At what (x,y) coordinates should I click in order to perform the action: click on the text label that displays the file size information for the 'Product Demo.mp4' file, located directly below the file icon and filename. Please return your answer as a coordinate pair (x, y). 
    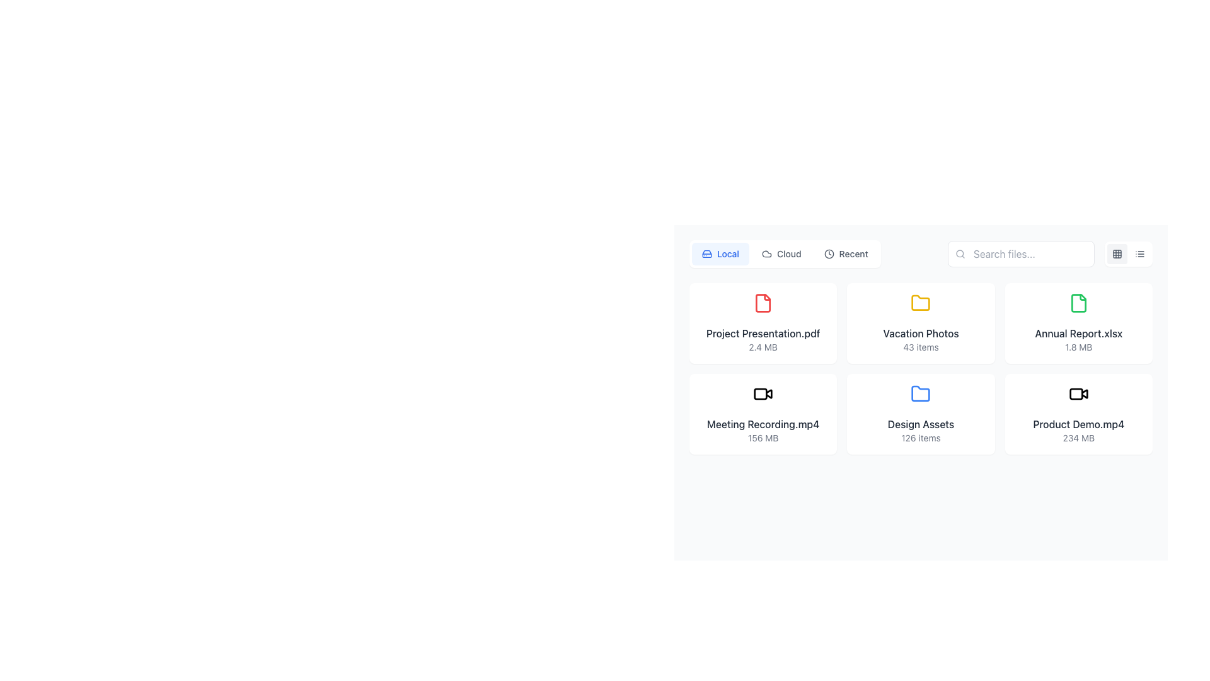
    Looking at the image, I should click on (1078, 437).